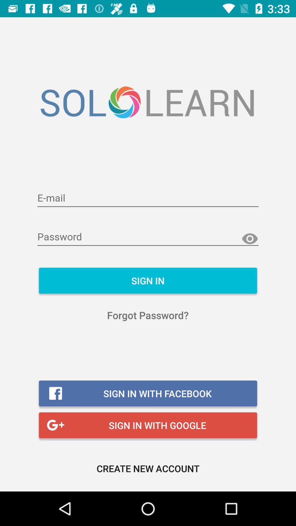  What do you see at coordinates (148, 468) in the screenshot?
I see `the create new account icon` at bounding box center [148, 468].